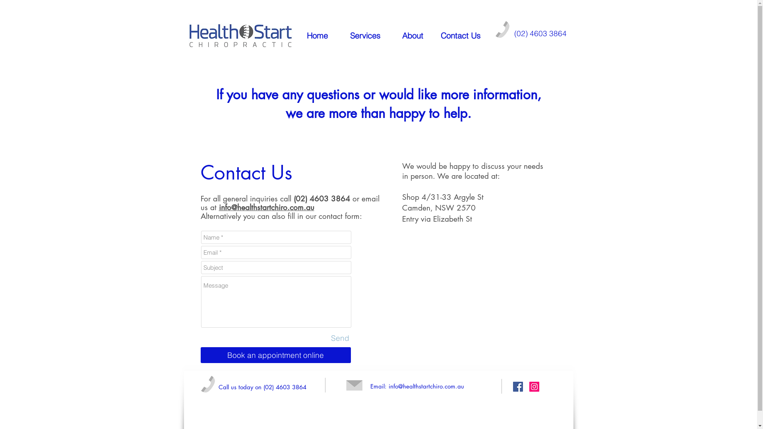 This screenshot has height=429, width=763. Describe the element at coordinates (460, 35) in the screenshot. I see `'Contact Us'` at that location.